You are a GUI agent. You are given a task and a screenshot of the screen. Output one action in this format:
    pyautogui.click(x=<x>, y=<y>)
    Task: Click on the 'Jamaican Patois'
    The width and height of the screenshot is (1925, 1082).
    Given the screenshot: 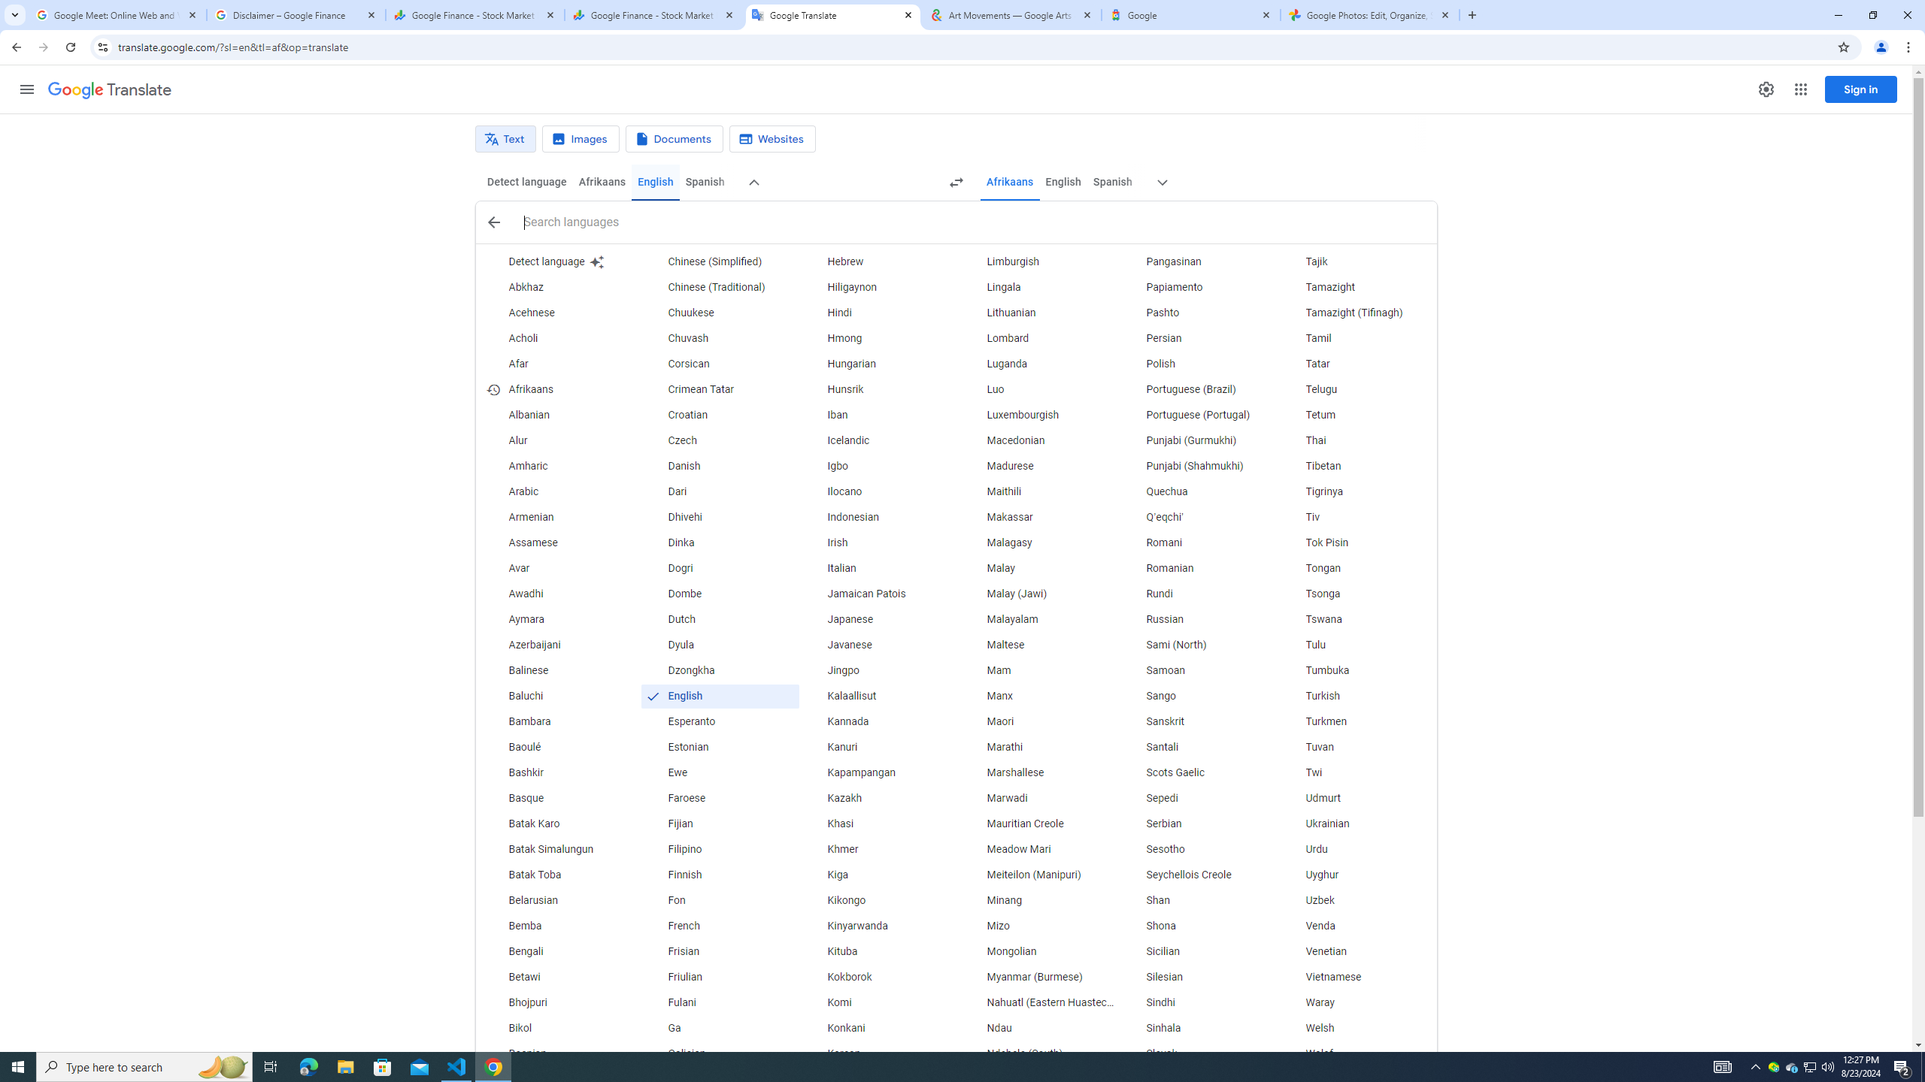 What is the action you would take?
    pyautogui.click(x=879, y=593)
    